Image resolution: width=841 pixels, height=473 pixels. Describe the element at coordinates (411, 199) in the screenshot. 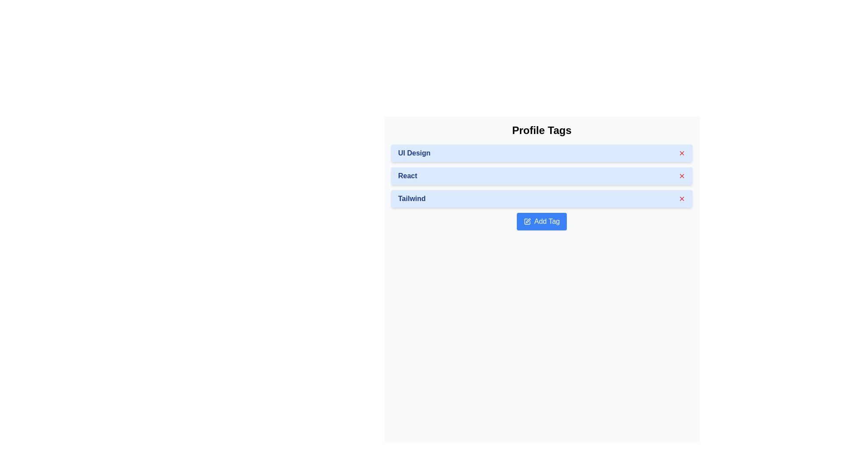

I see `the Text Label indicating a tag or selected item in the list, located inside a light blue rectangular box to the left of the 'close' icon button` at that location.